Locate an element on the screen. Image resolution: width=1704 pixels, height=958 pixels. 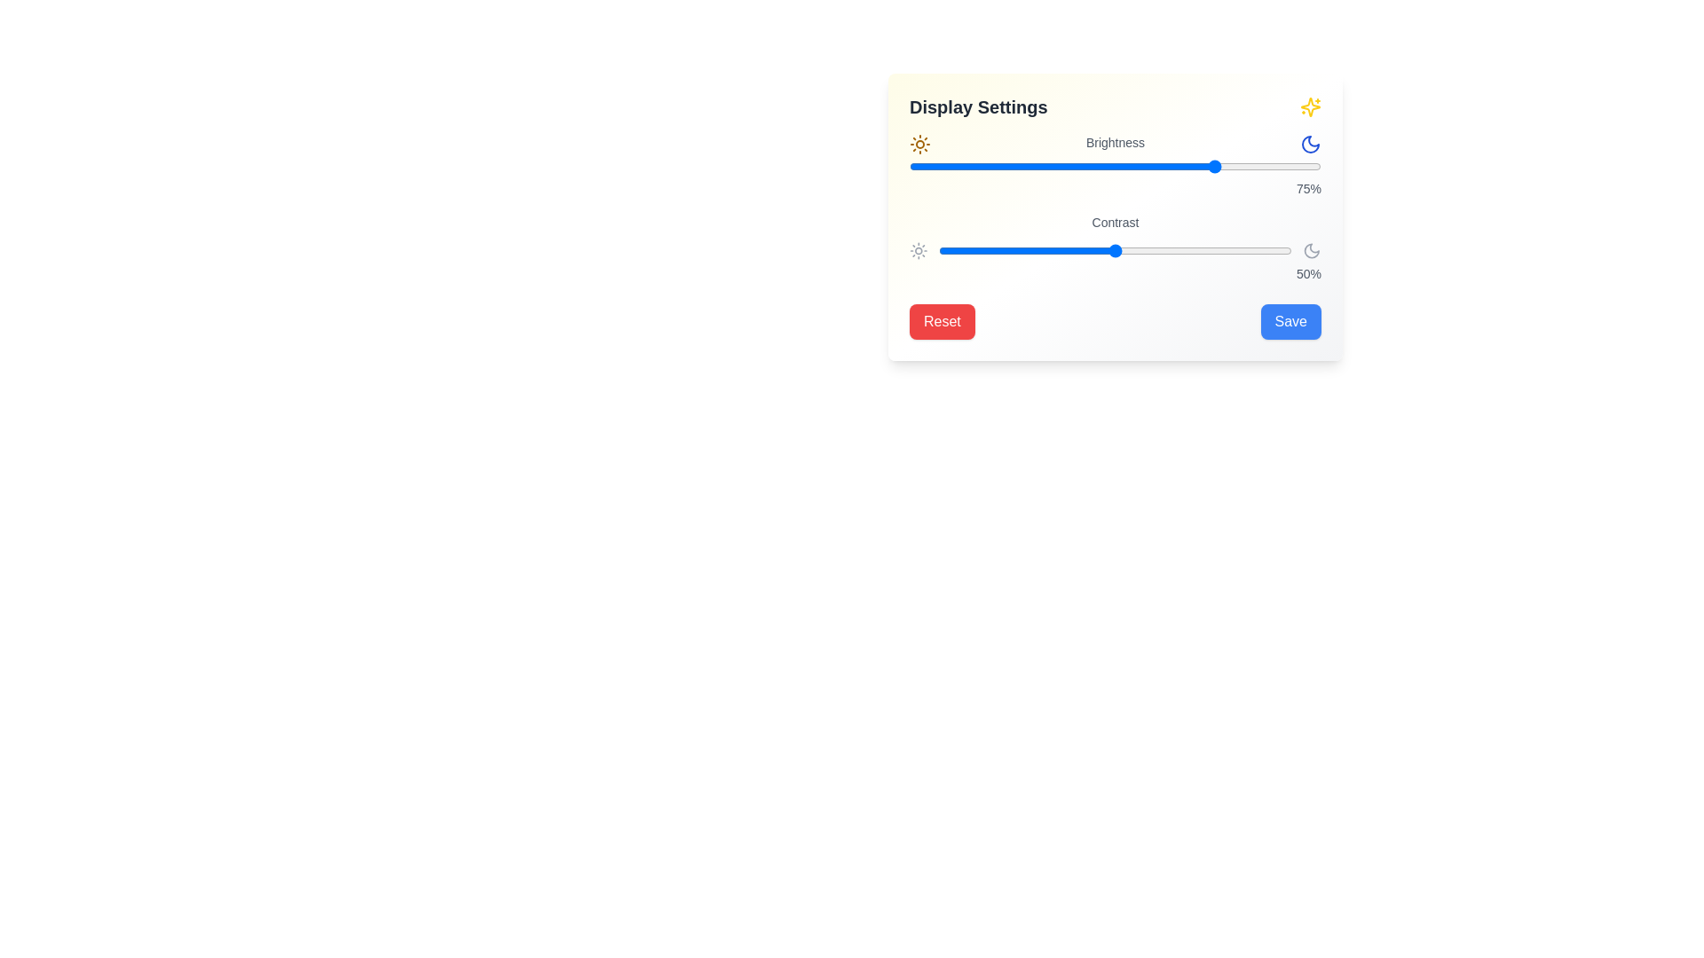
the contrast is located at coordinates (1231, 250).